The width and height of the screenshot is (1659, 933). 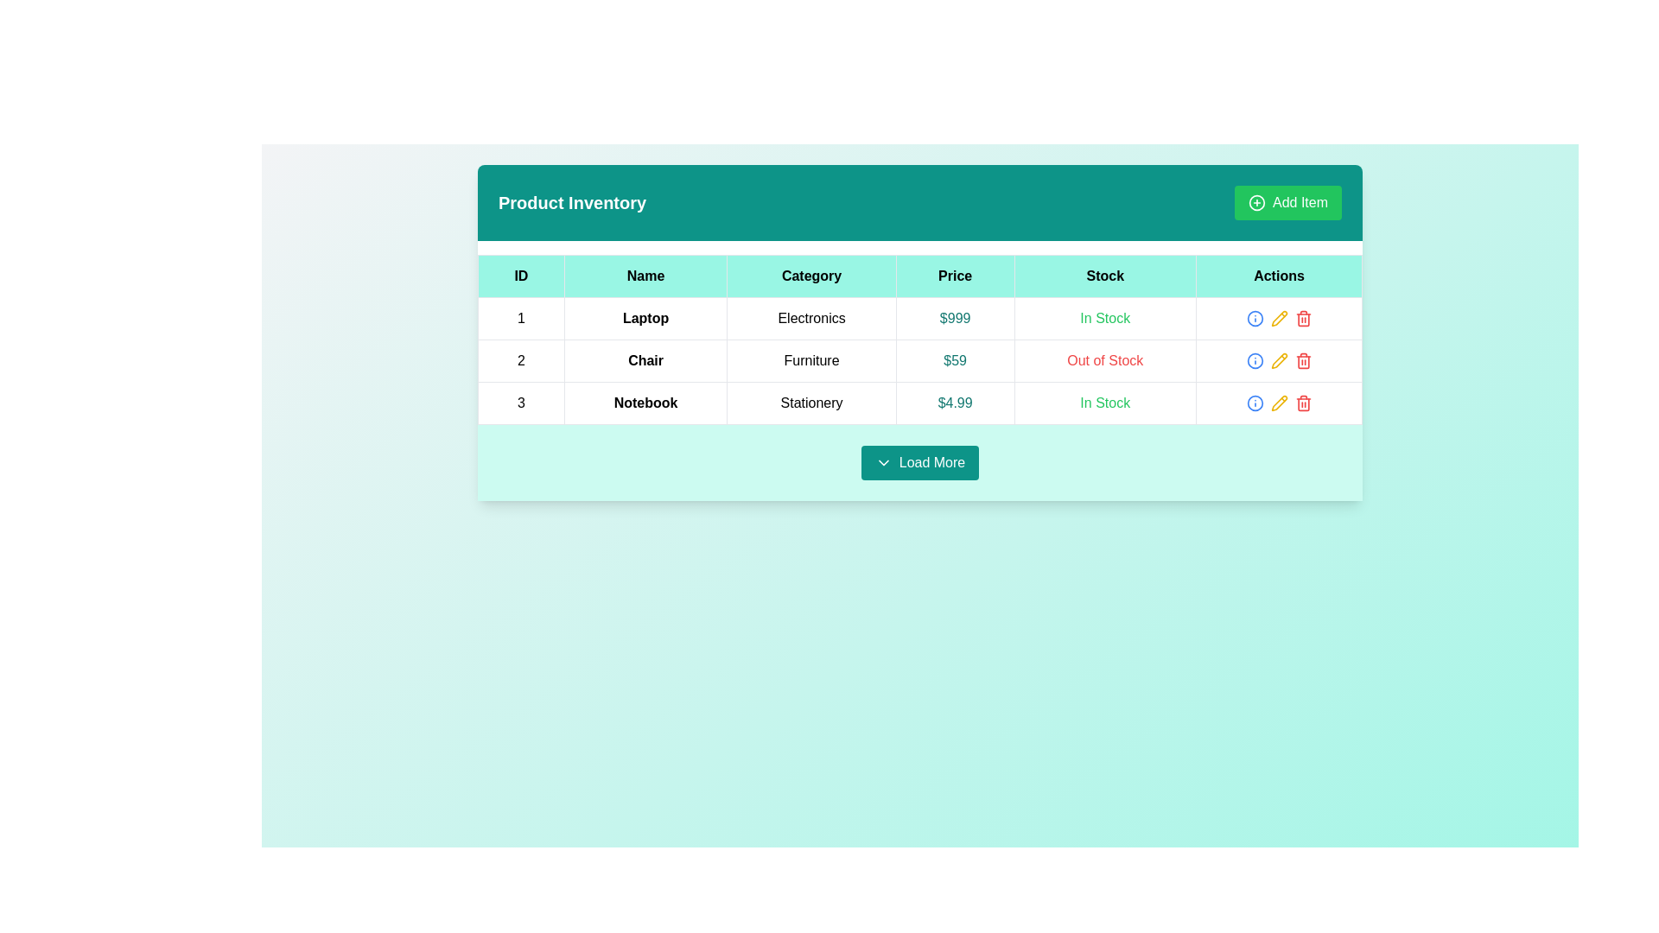 I want to click on the yellow pencil icon button in the 'Actions' column of the second row in the 'Product Inventory' table, so click(x=1279, y=359).